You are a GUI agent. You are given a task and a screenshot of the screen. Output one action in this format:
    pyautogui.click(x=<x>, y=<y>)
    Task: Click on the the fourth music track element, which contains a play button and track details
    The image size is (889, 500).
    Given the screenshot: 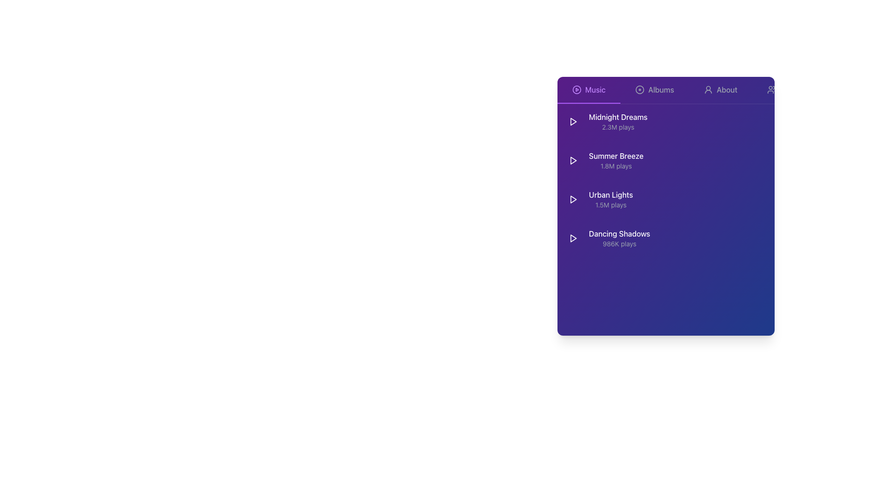 What is the action you would take?
    pyautogui.click(x=607, y=238)
    